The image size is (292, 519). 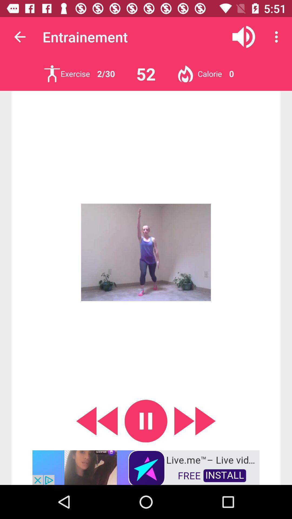 I want to click on change the volume, so click(x=244, y=36).